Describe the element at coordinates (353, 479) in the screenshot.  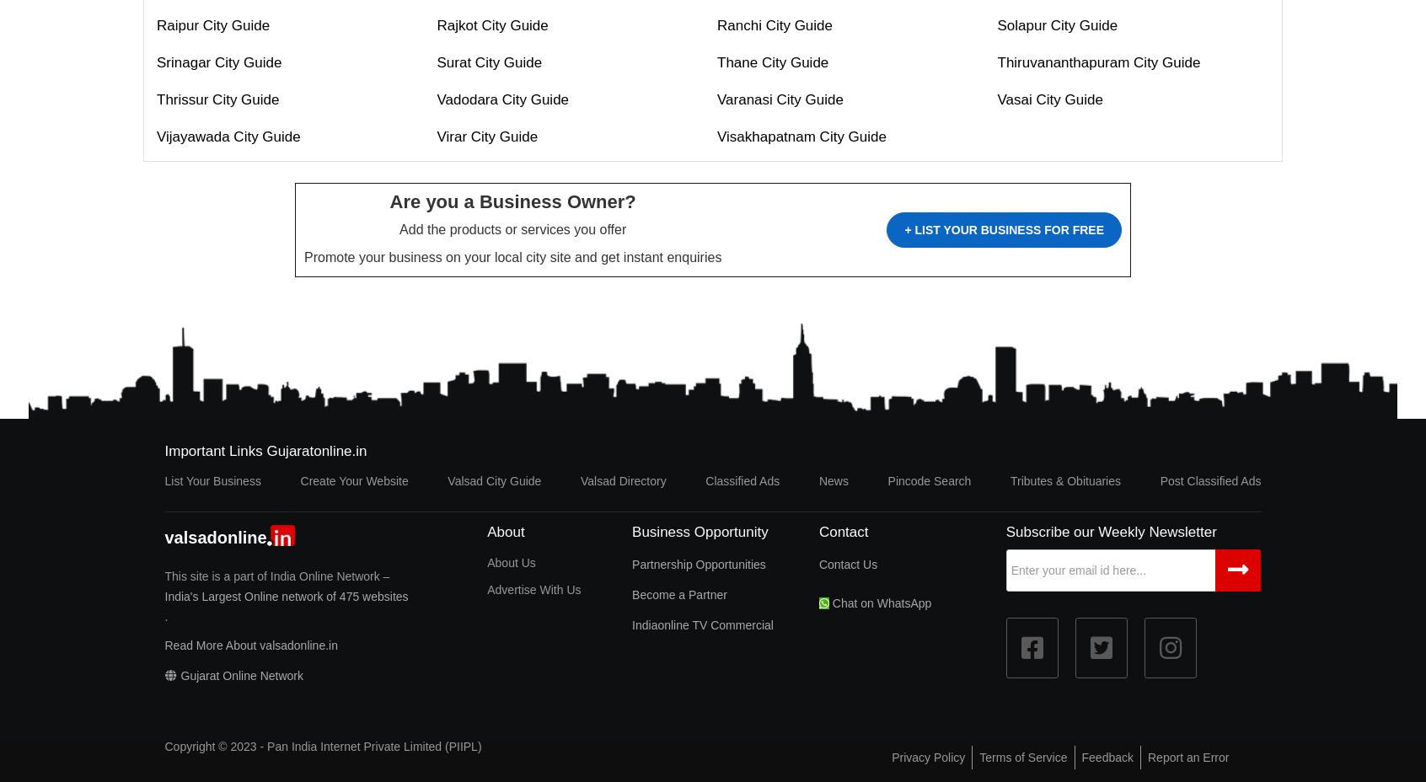
I see `'Create Your Website'` at that location.